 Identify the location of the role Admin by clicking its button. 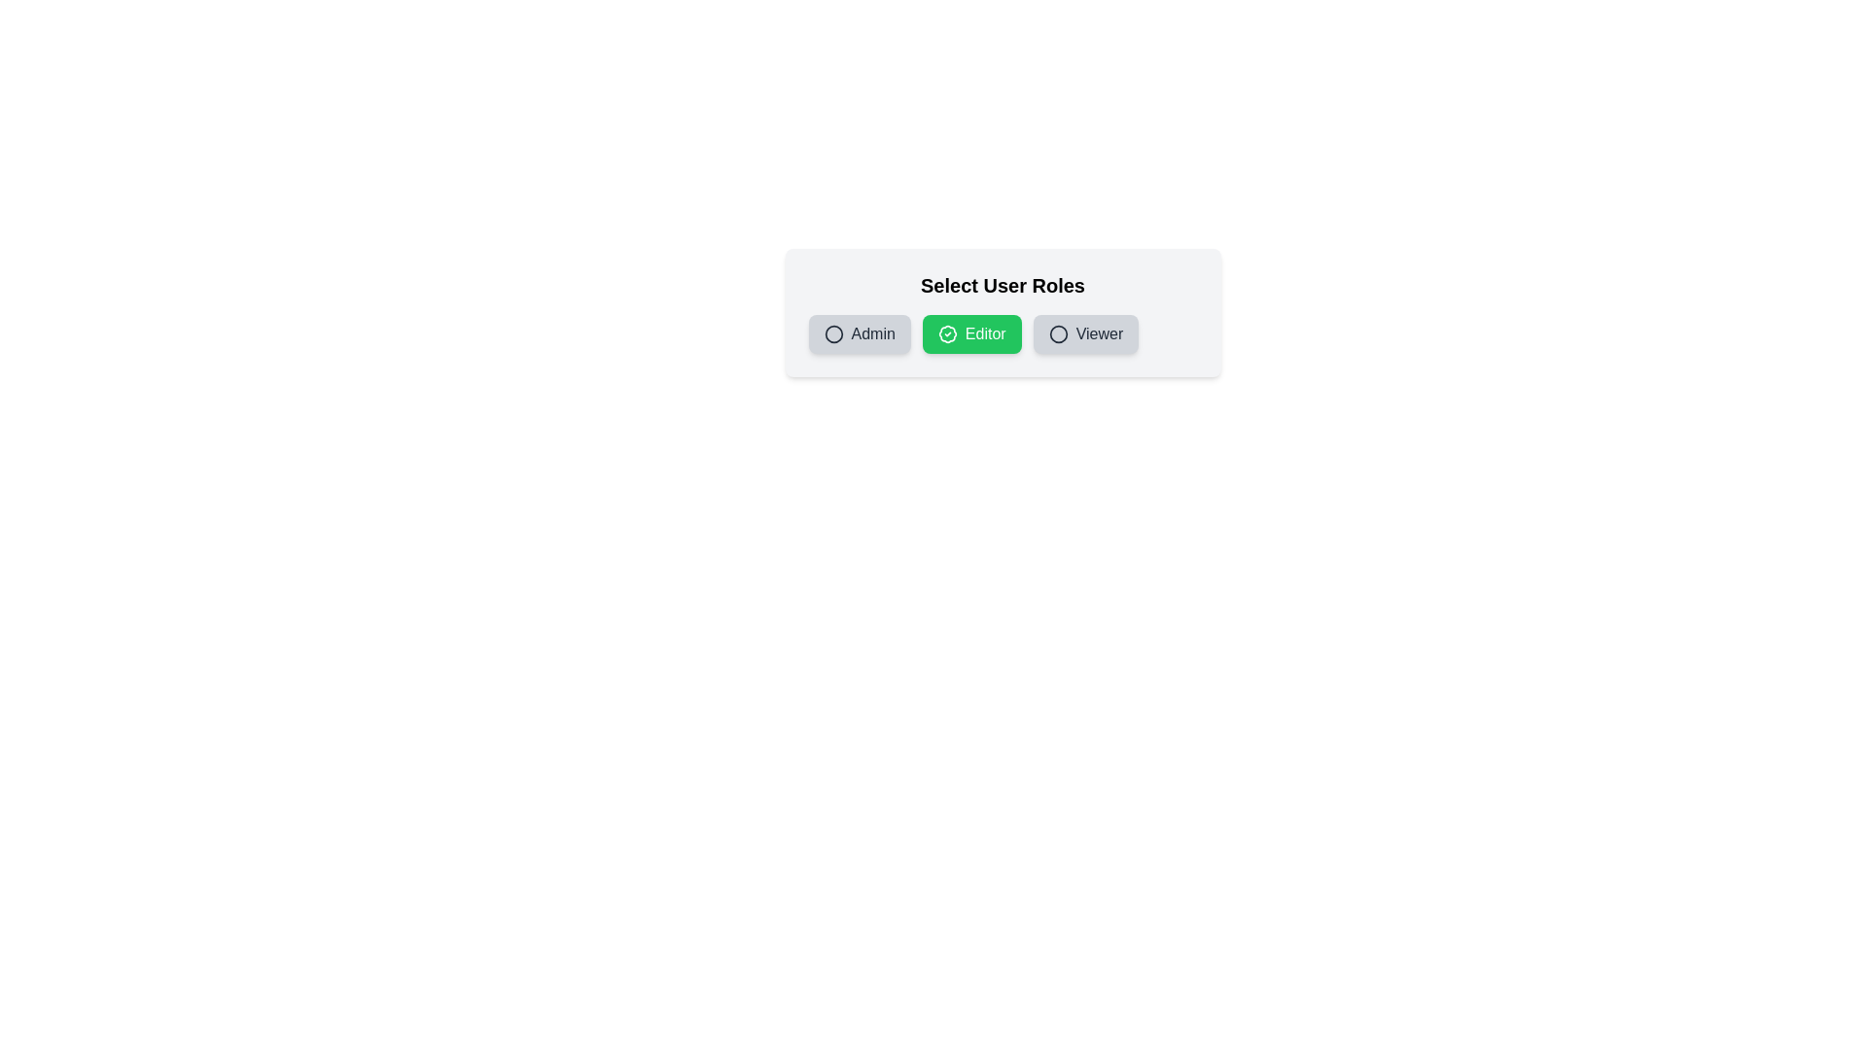
(859, 332).